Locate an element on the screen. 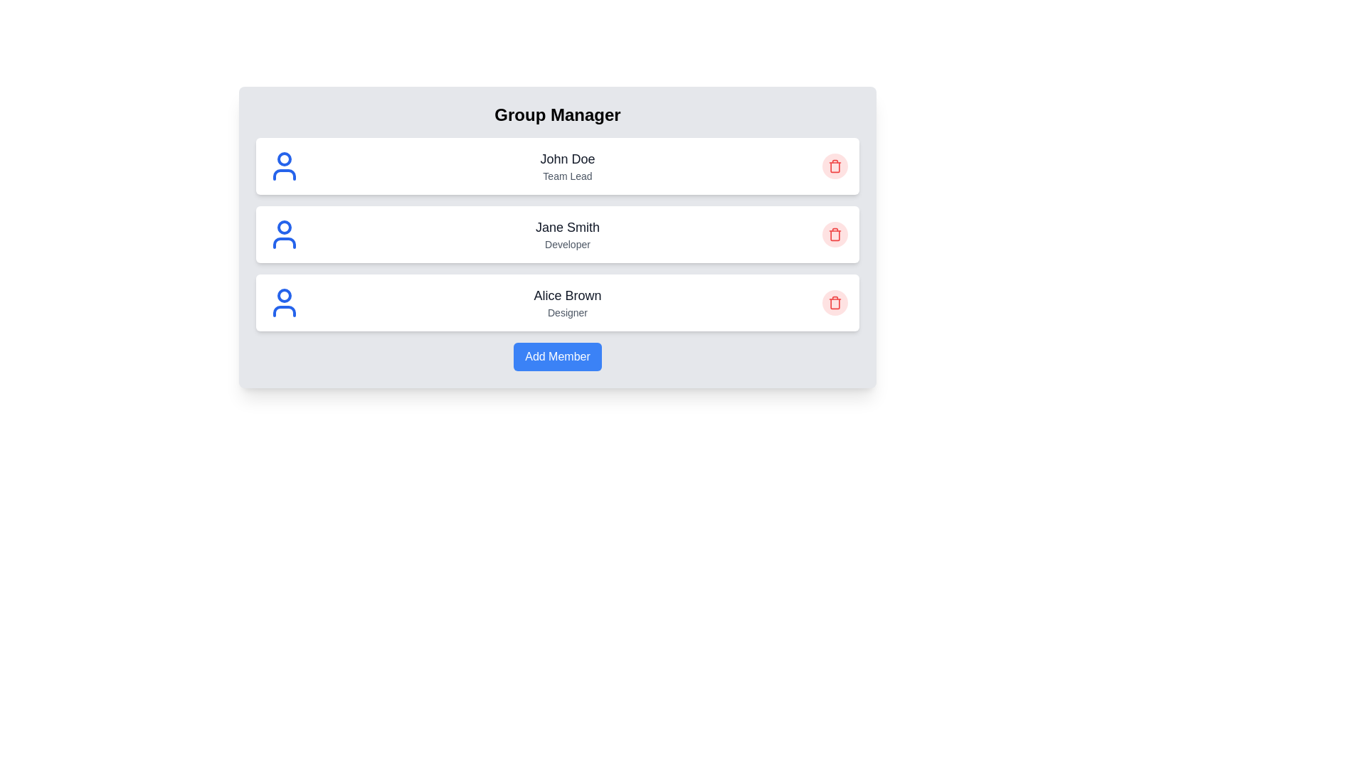 This screenshot has height=768, width=1366. the delete button located at the far right of the card containing 'Jane Smith' and 'Developer' is located at coordinates (835, 234).